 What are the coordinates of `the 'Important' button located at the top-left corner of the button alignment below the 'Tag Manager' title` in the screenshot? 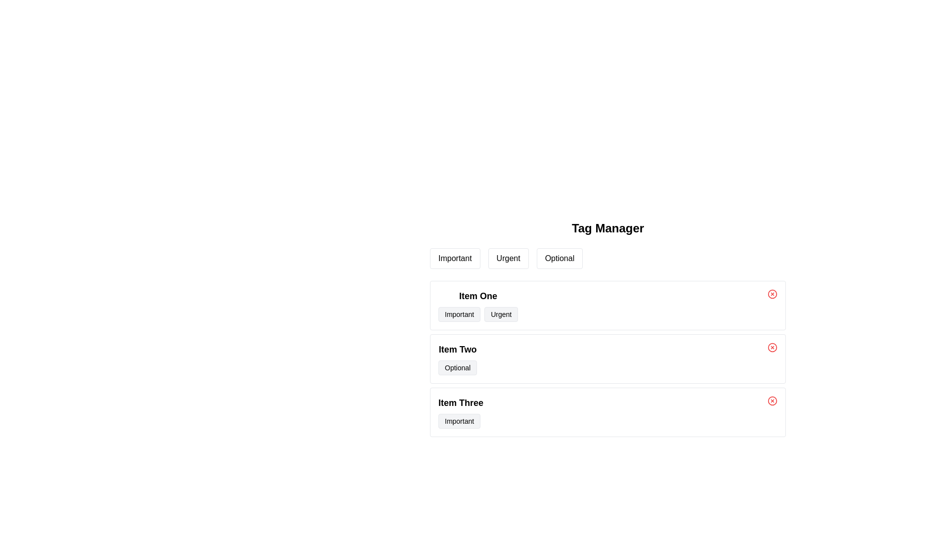 It's located at (454, 258).